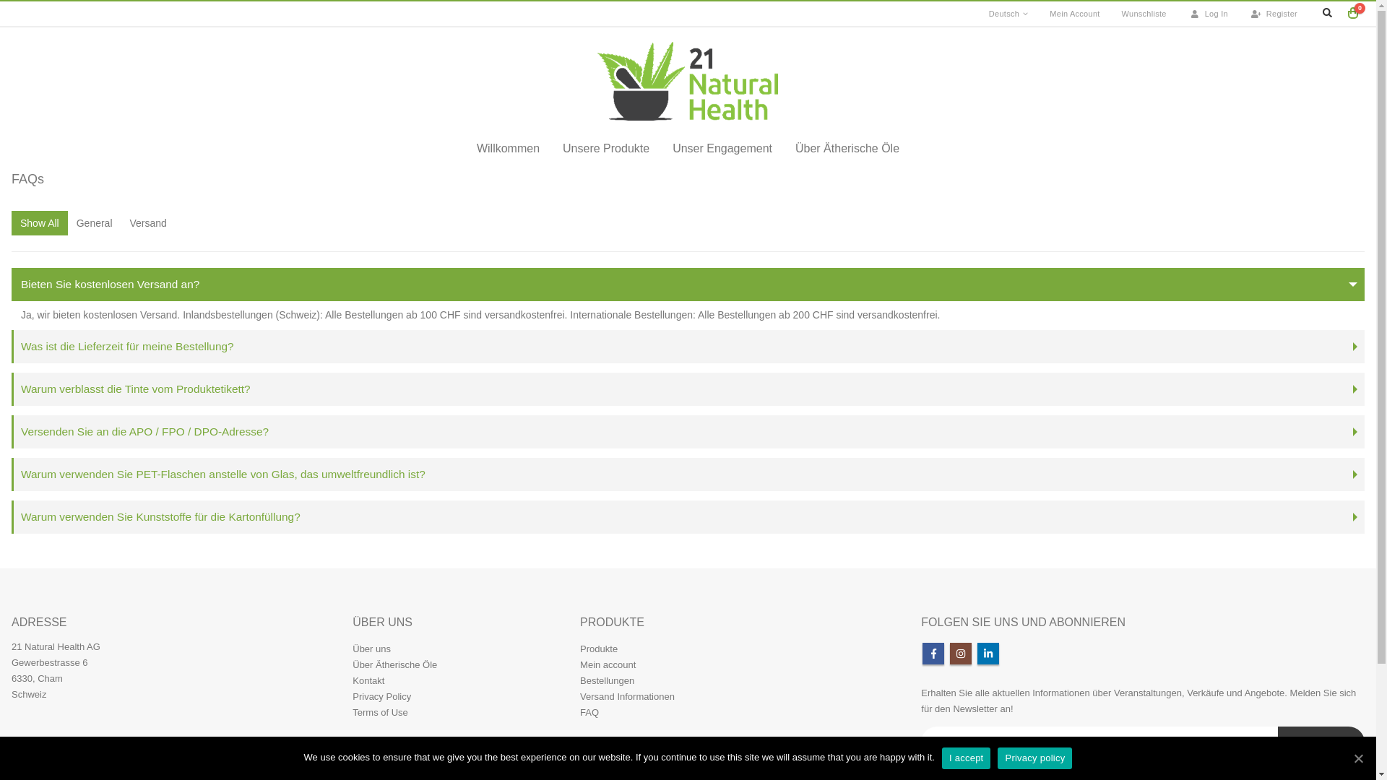 The width and height of the screenshot is (1387, 780). Describe the element at coordinates (608, 664) in the screenshot. I see `'Mein account'` at that location.